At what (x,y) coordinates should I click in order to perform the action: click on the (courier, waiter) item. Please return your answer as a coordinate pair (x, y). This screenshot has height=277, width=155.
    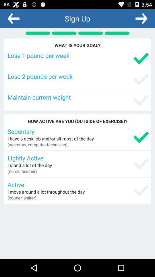
    Looking at the image, I should click on (22, 198).